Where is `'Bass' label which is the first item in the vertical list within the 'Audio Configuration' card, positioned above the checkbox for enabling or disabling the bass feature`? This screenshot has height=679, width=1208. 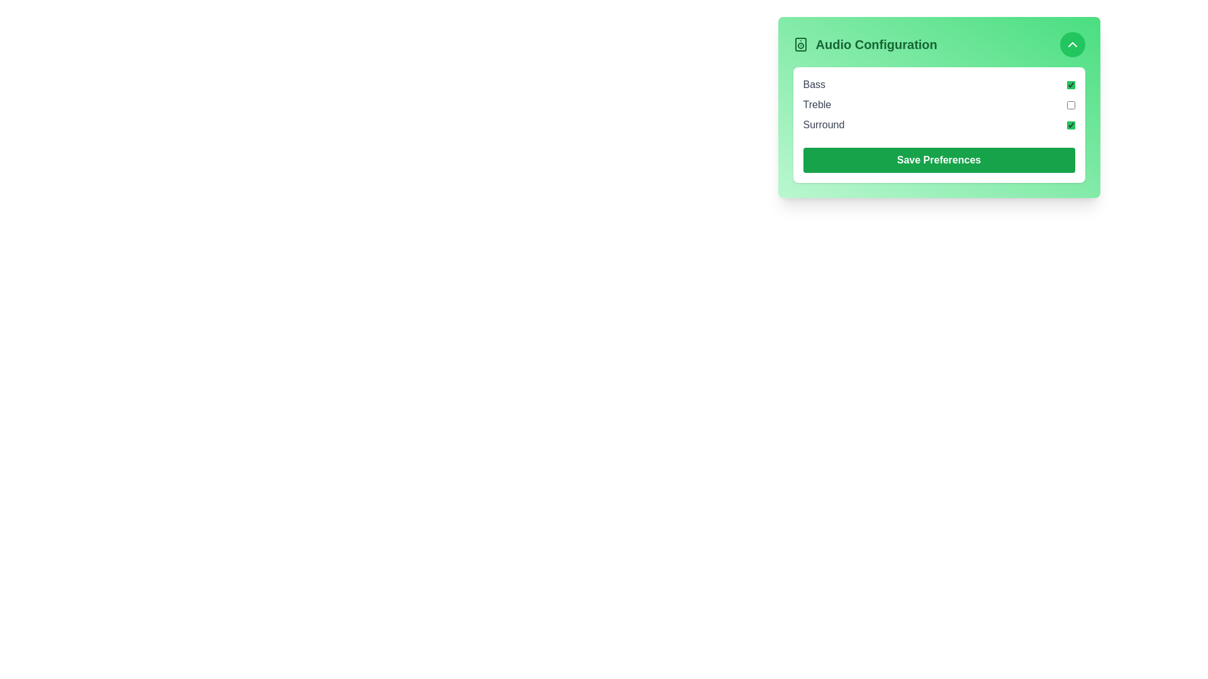
'Bass' label which is the first item in the vertical list within the 'Audio Configuration' card, positioned above the checkbox for enabling or disabling the bass feature is located at coordinates (814, 85).